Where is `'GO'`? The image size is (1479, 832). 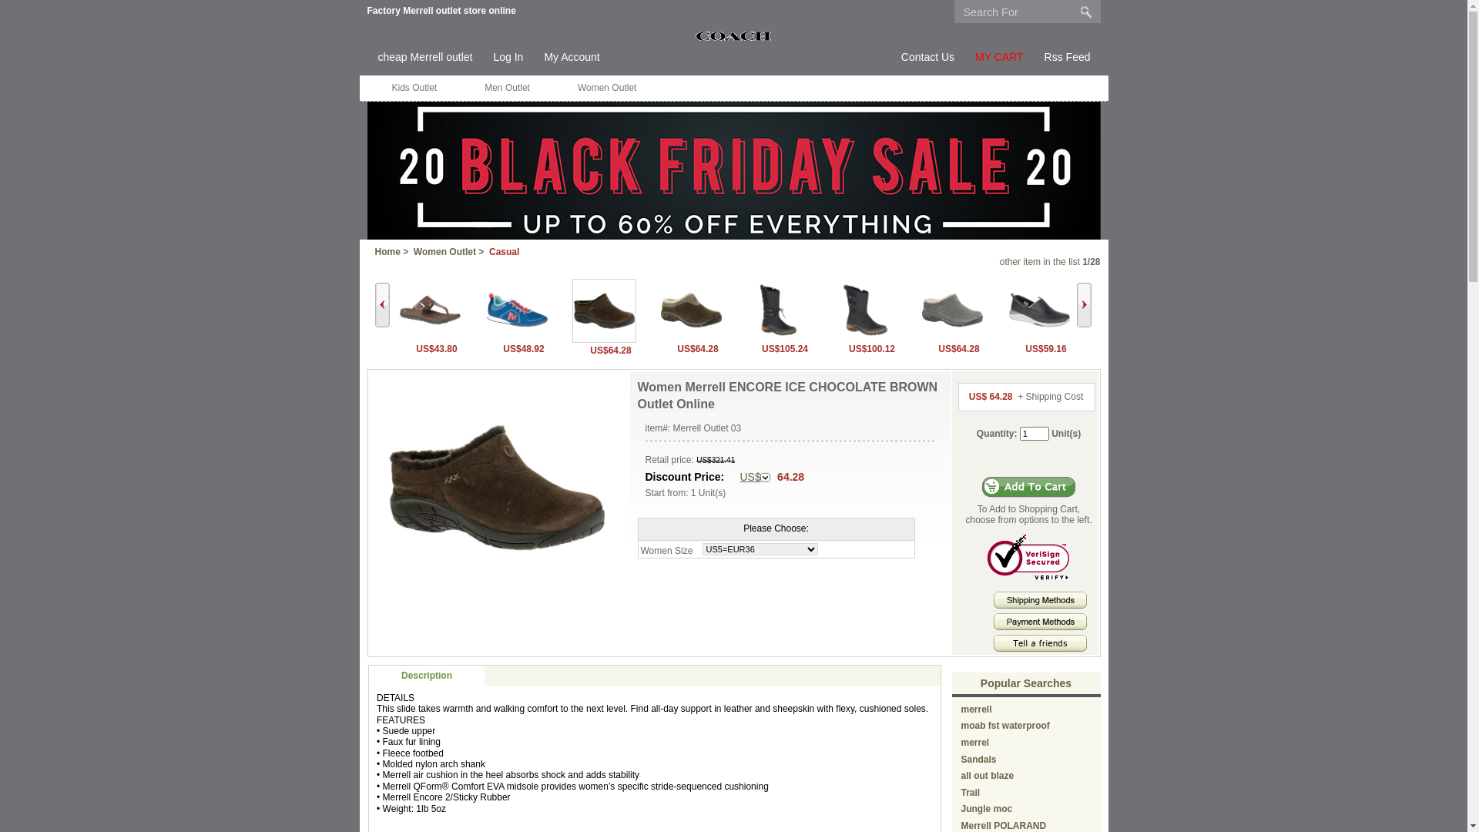
'GO' is located at coordinates (1085, 12).